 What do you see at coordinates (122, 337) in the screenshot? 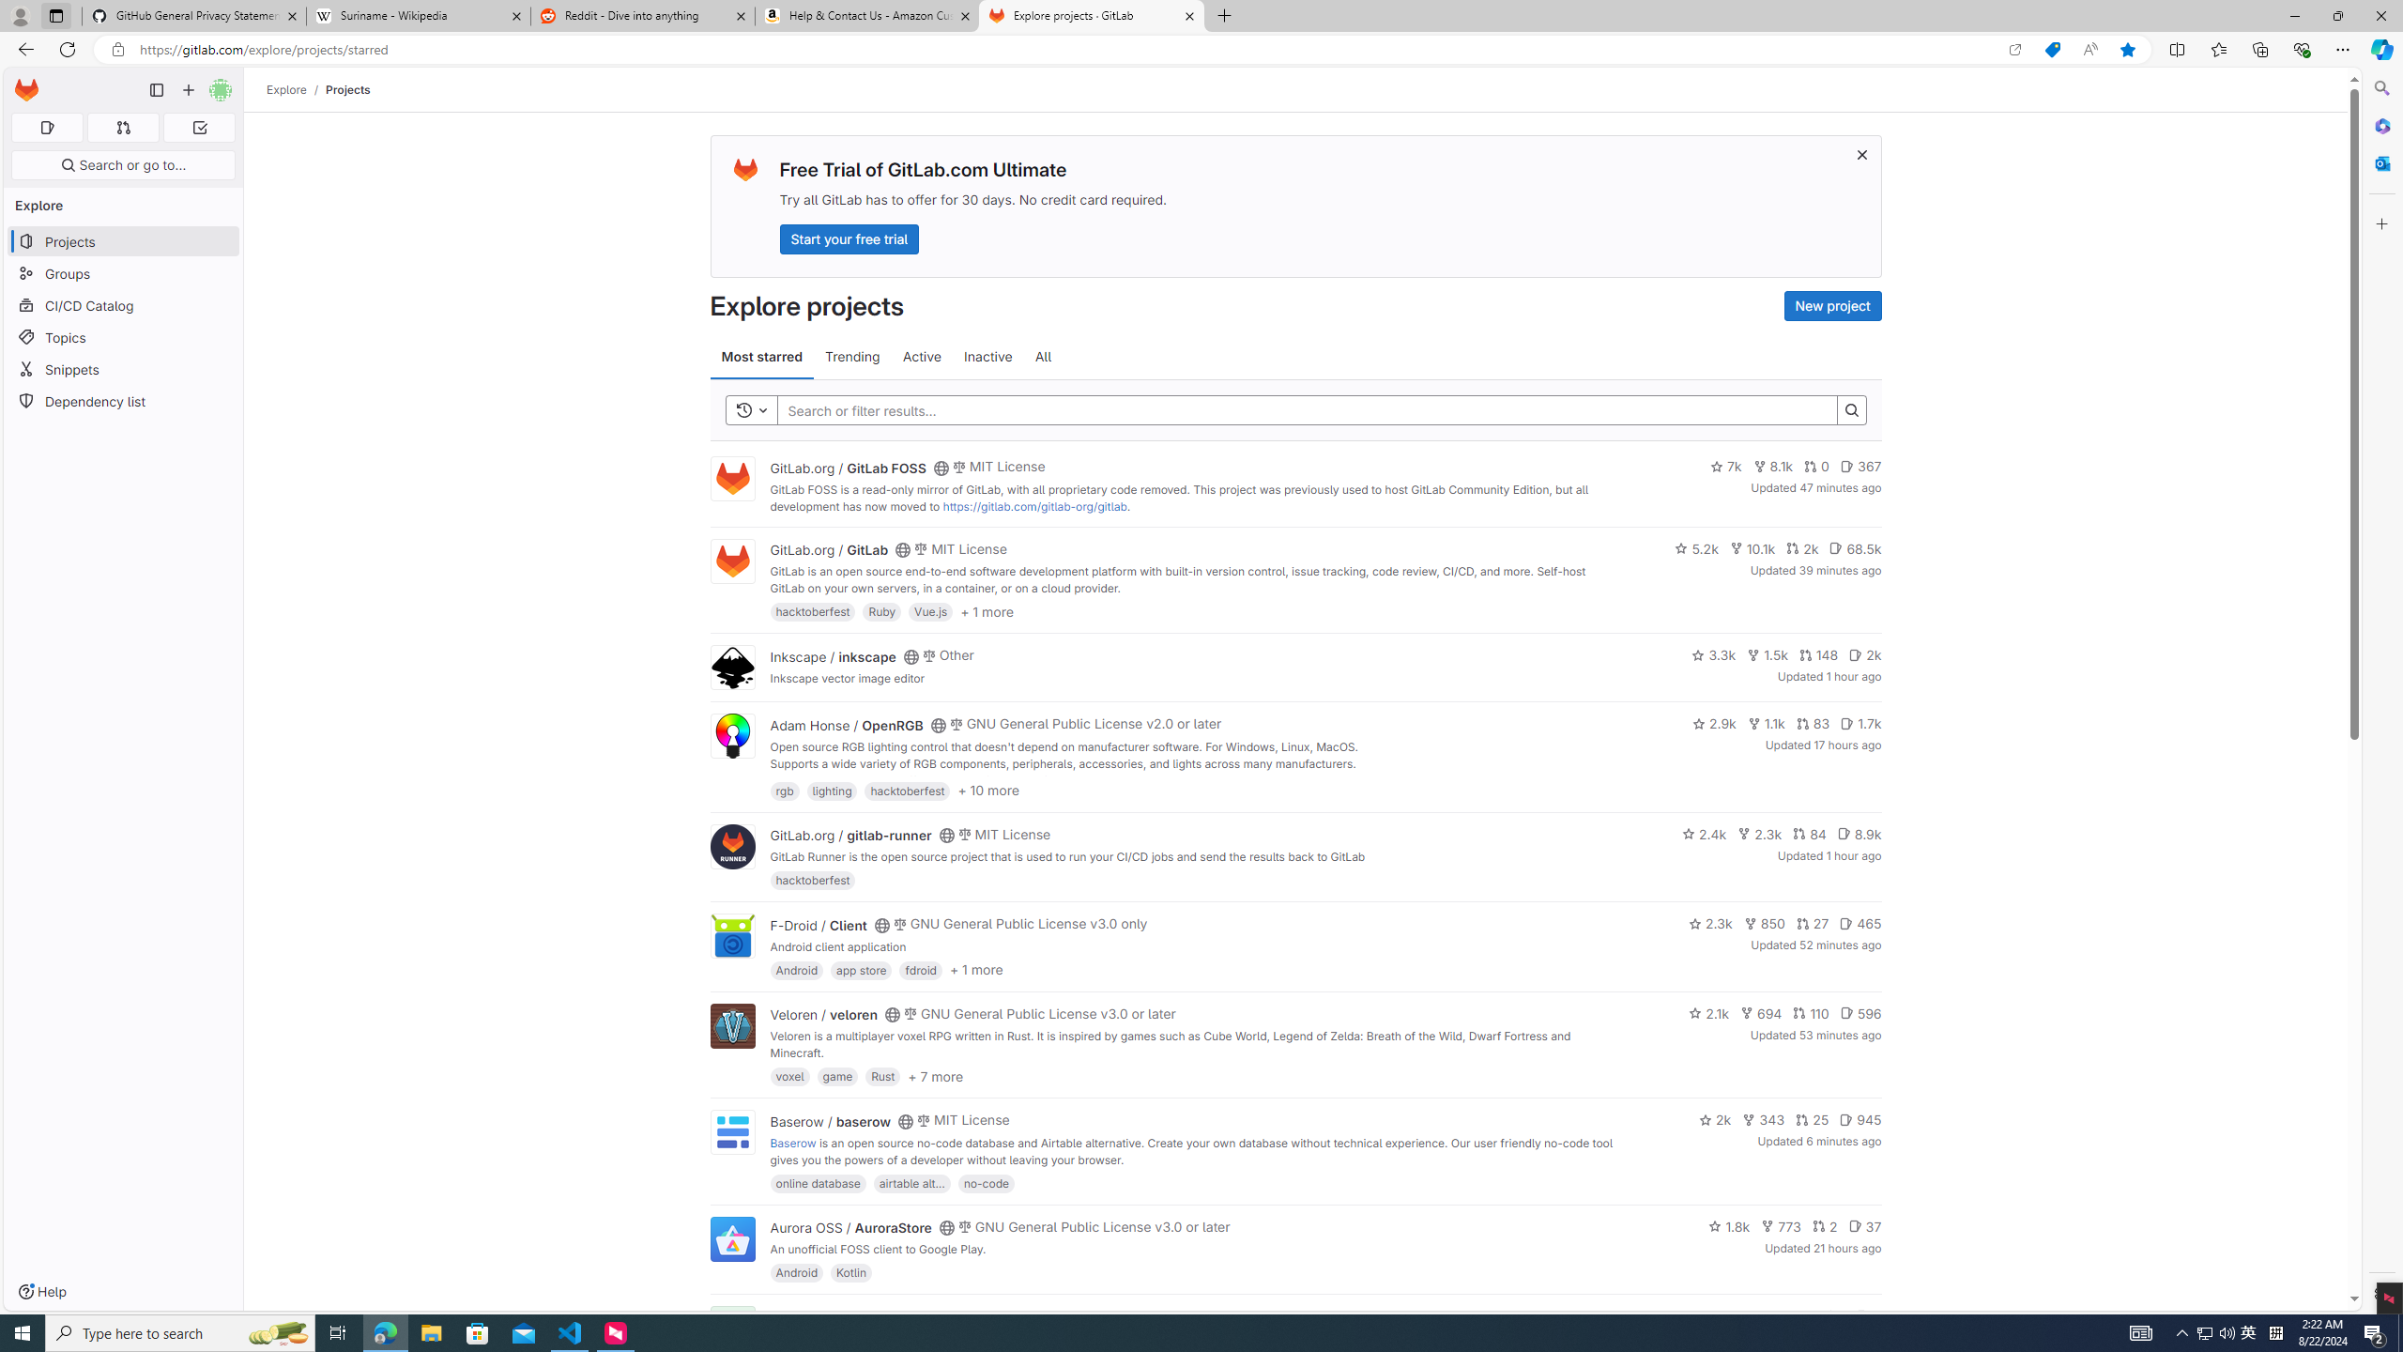
I see `'Topics'` at bounding box center [122, 337].